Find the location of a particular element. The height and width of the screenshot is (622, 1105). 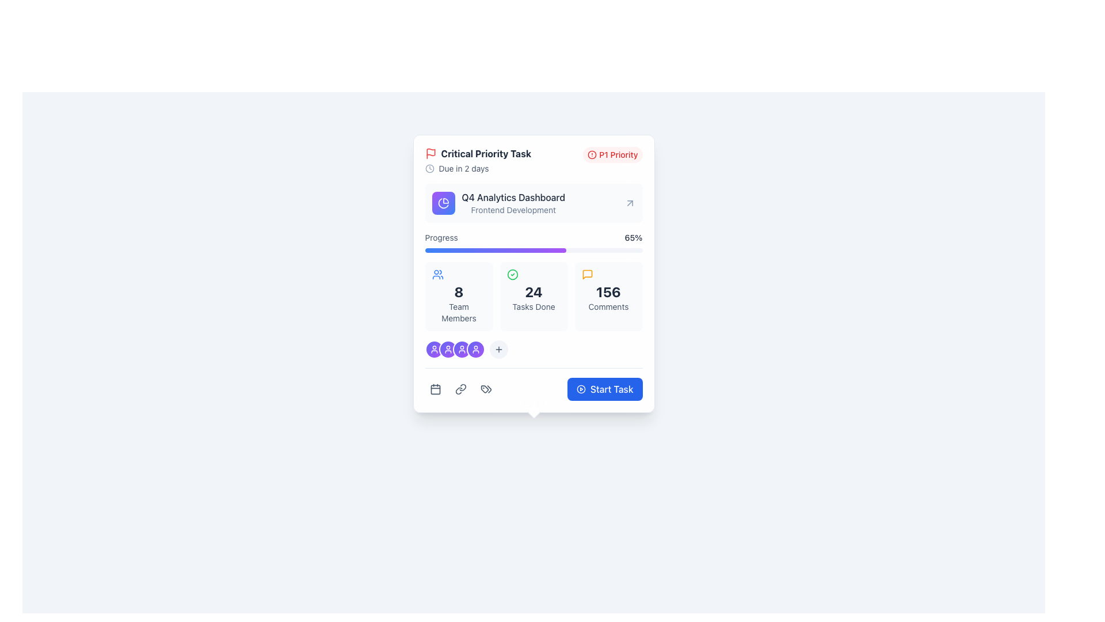

the circular alert icon indicating 'P1 Priority' status, located at the top-right corner of the 'Critical Priority Task' card is located at coordinates (592, 154).